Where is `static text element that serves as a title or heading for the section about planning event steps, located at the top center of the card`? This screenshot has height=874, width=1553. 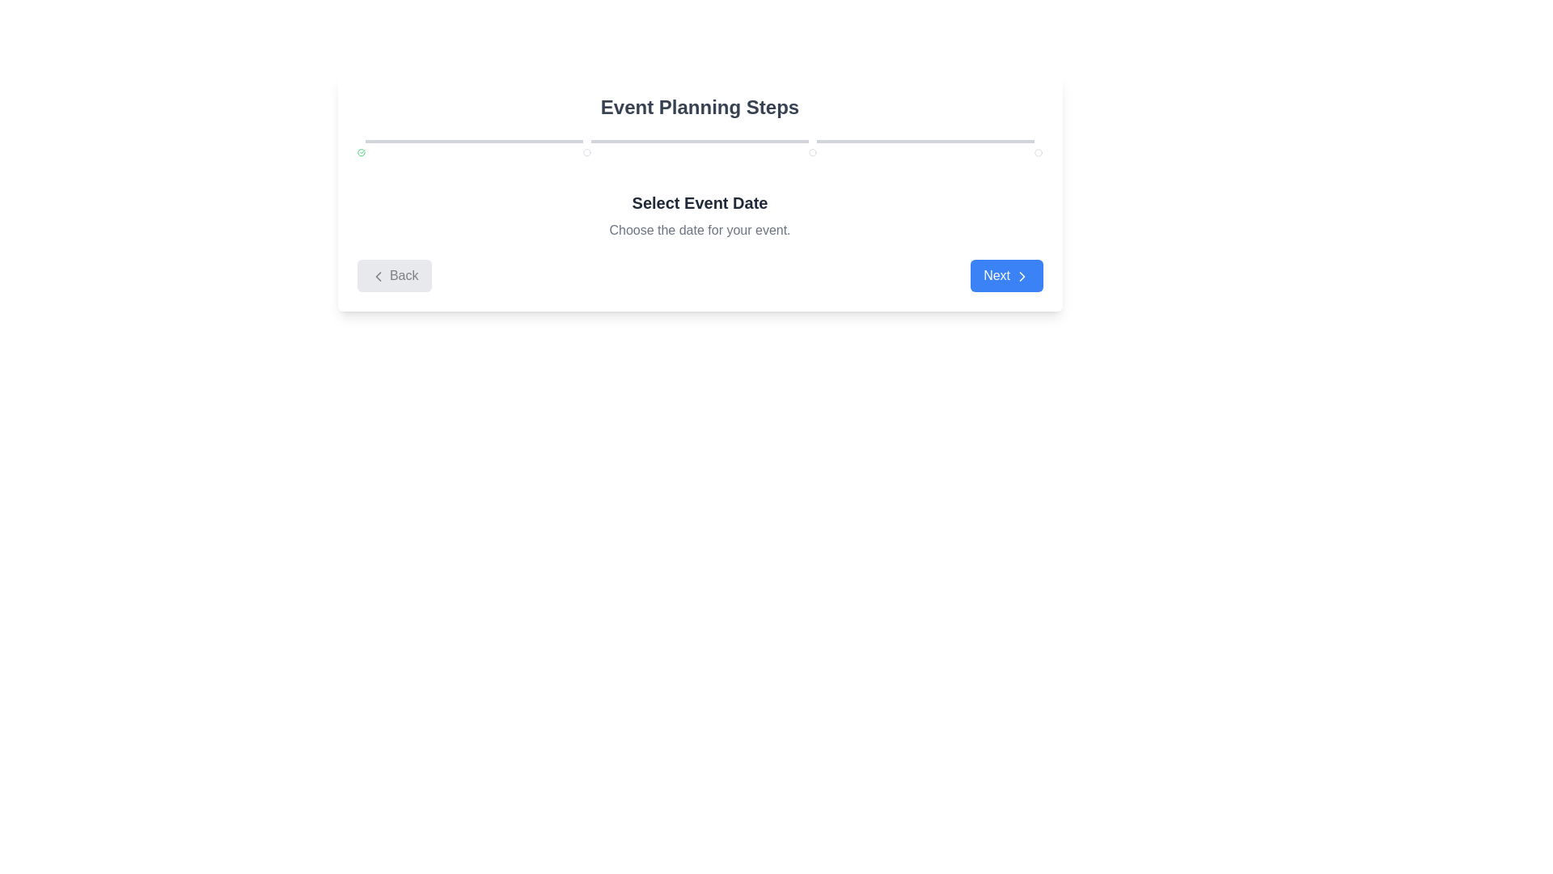 static text element that serves as a title or heading for the section about planning event steps, located at the top center of the card is located at coordinates (700, 107).